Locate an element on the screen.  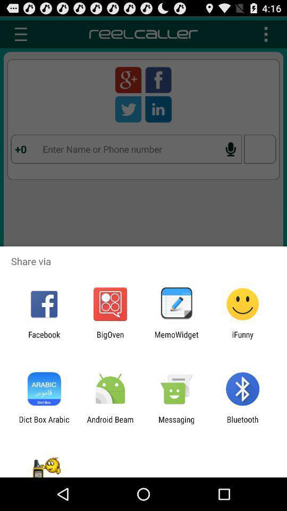
app next to memowidget app is located at coordinates (109, 339).